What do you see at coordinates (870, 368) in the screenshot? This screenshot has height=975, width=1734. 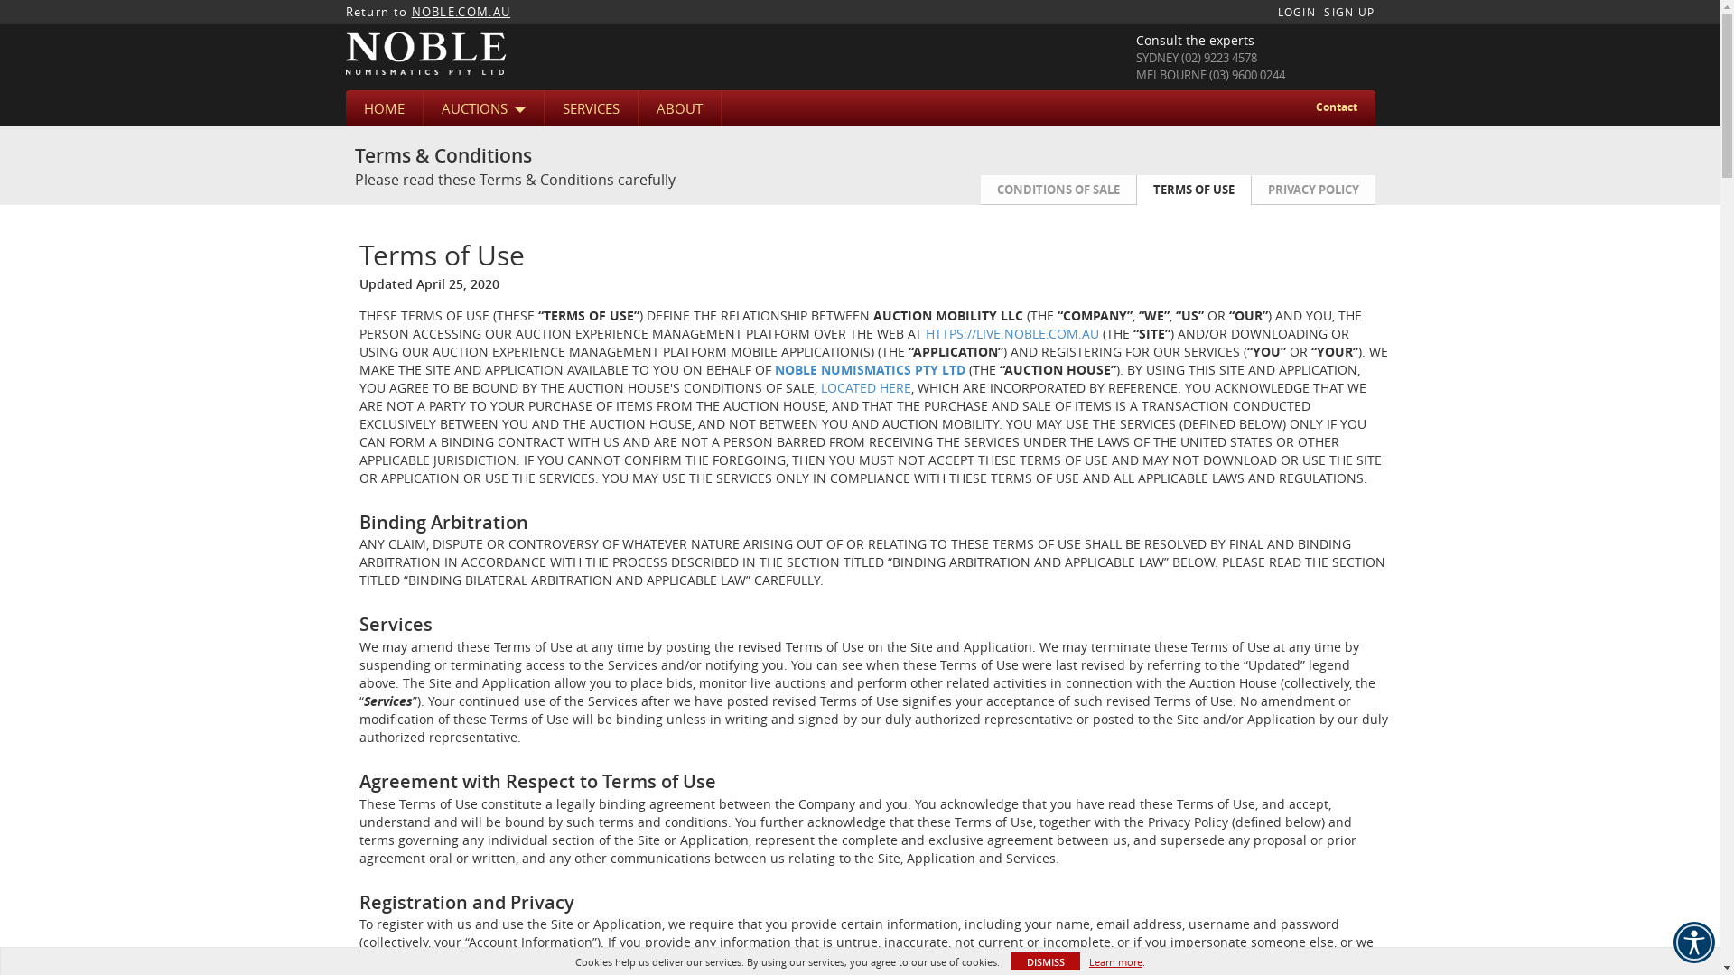 I see `'NOBLE NUMISMATICS PTY LTD'` at bounding box center [870, 368].